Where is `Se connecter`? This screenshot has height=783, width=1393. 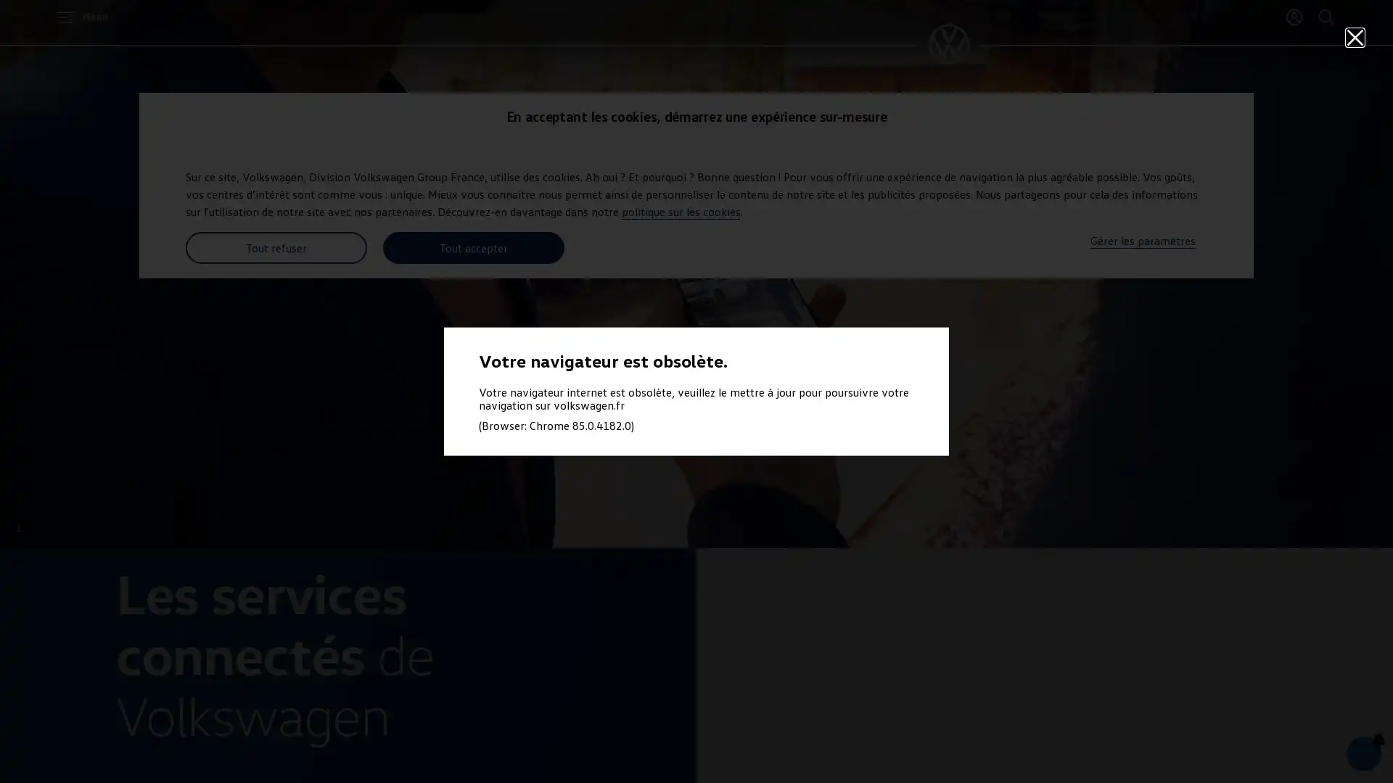
Se connecter is located at coordinates (1294, 17).